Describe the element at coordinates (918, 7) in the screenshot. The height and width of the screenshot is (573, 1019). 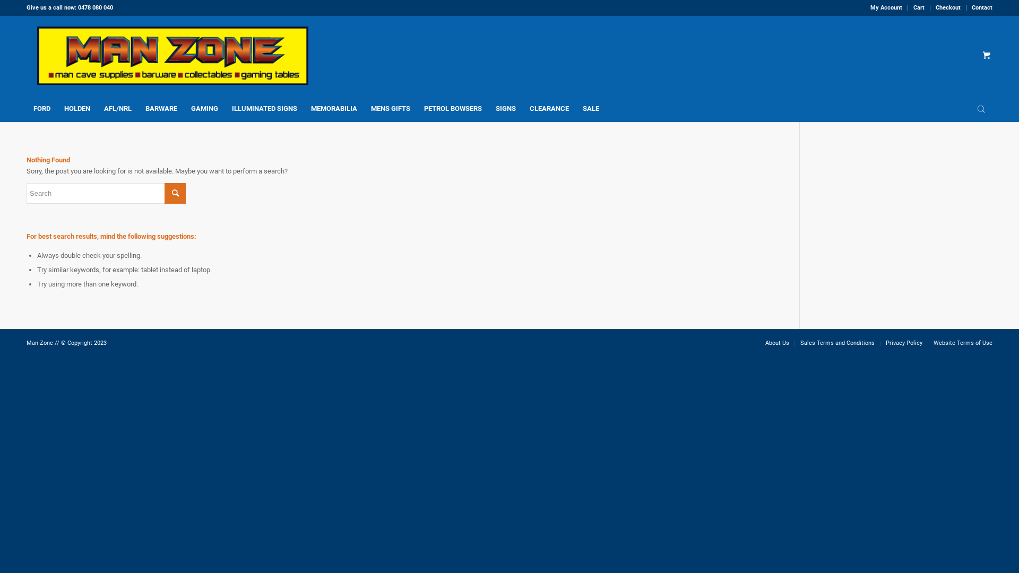
I see `'Cart'` at that location.